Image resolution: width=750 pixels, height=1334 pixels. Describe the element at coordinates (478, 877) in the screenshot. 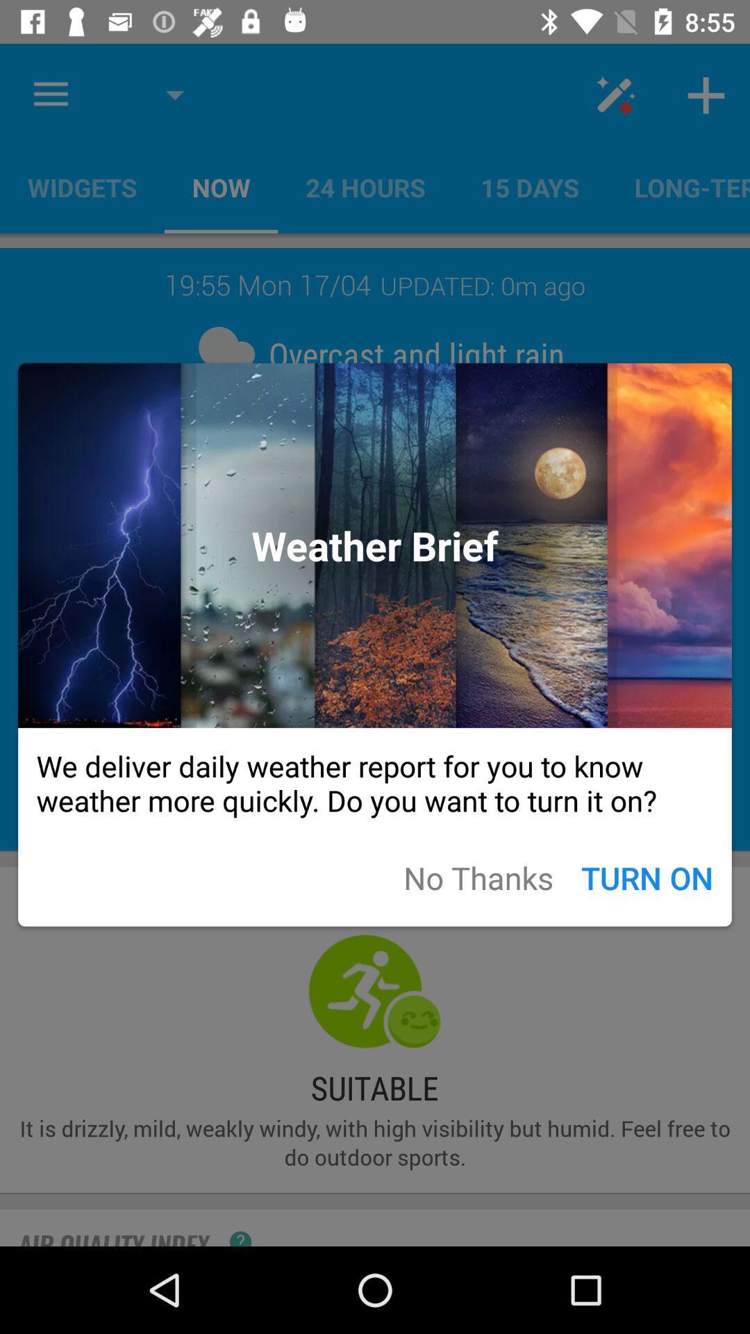

I see `icon next to the turn on` at that location.